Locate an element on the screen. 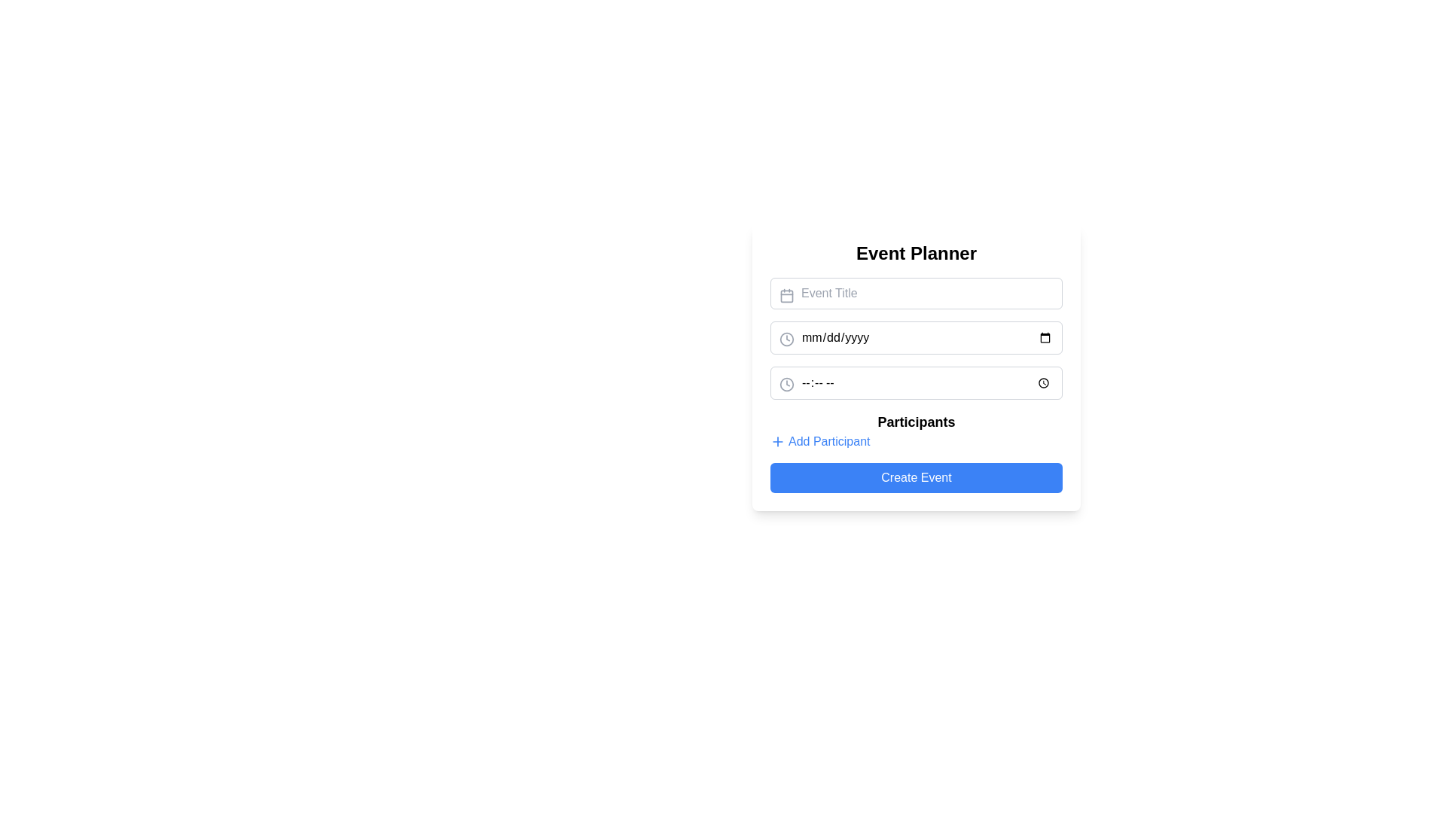  the 'Participants' heading or label, which is positioned above the 'Add Participant' text and button, indicating its relation to the following components is located at coordinates (916, 422).